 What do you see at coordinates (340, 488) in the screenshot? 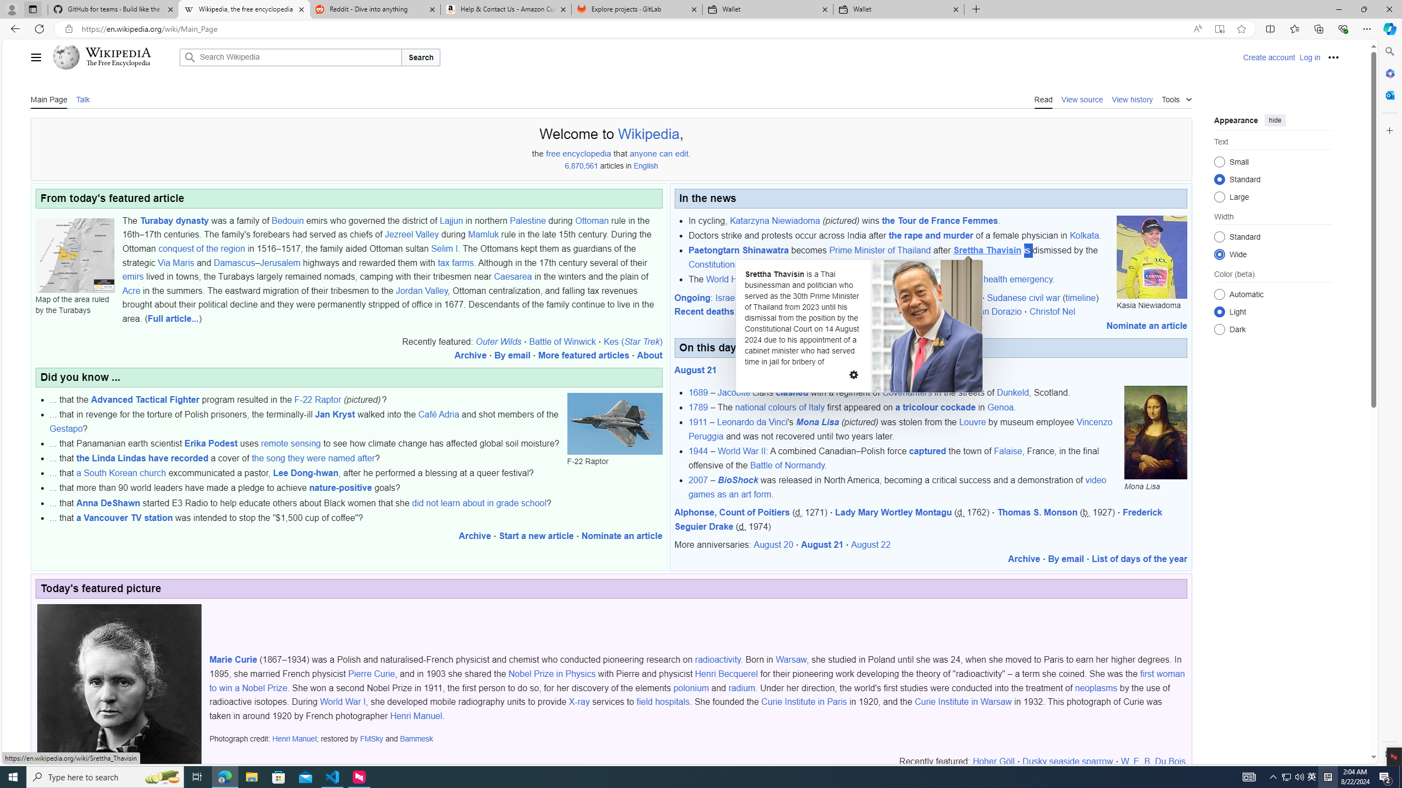
I see `'nature-positive'` at bounding box center [340, 488].